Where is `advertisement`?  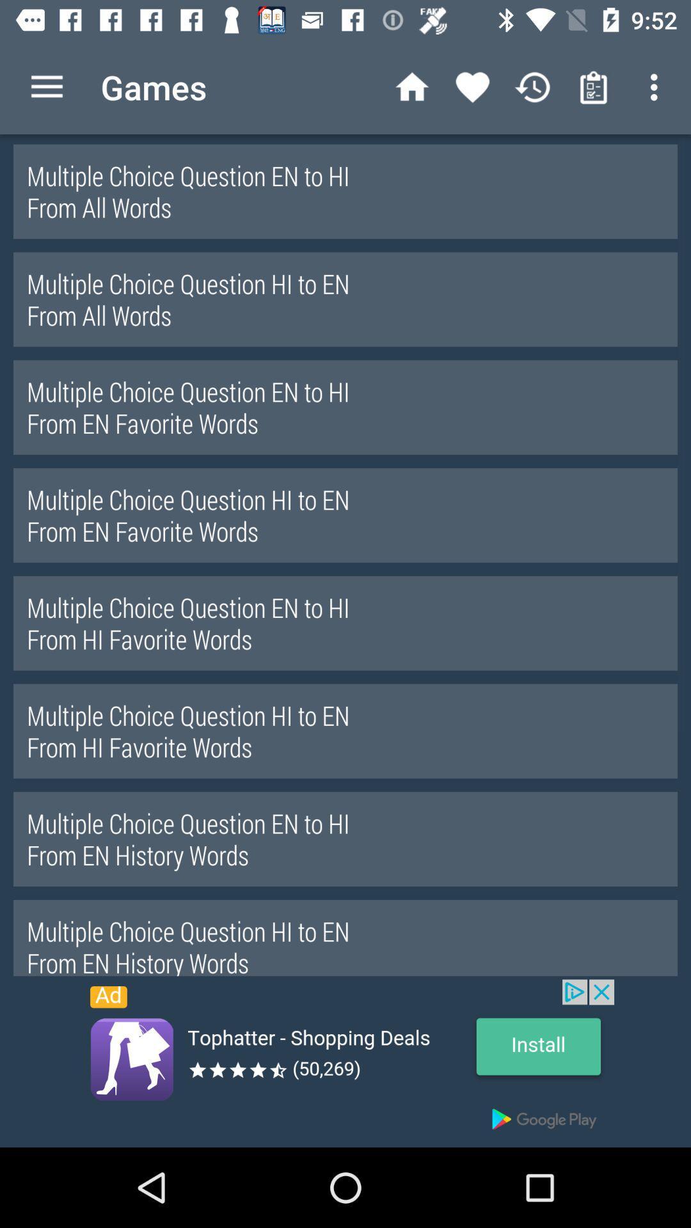 advertisement is located at coordinates (345, 1063).